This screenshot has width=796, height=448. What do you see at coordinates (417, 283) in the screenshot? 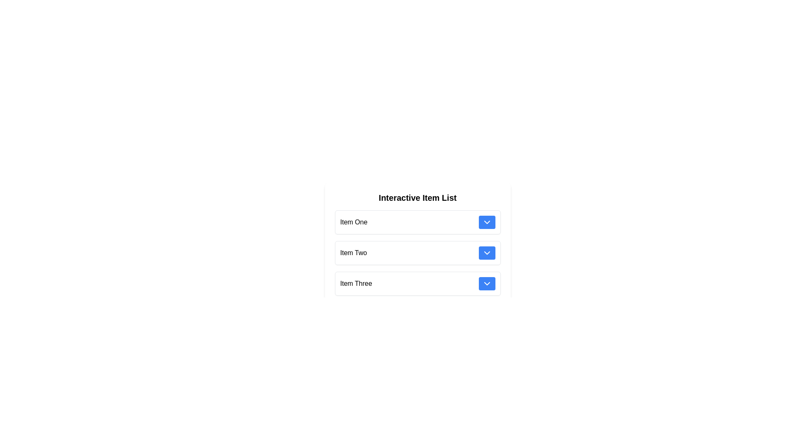
I see `the selectable list item labeled 'Item Three' for keyboard navigation` at bounding box center [417, 283].